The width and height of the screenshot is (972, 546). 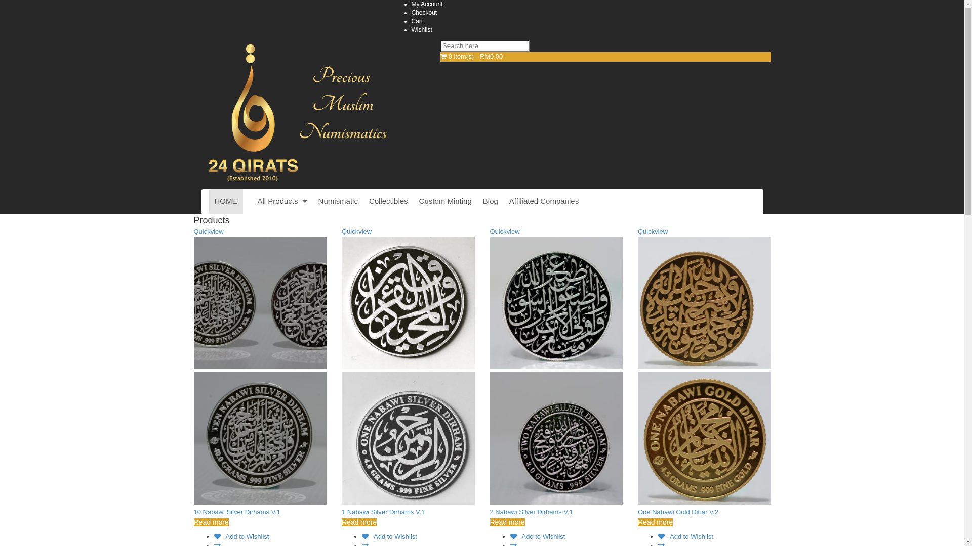 I want to click on 'Affiliated Companies', so click(x=543, y=201).